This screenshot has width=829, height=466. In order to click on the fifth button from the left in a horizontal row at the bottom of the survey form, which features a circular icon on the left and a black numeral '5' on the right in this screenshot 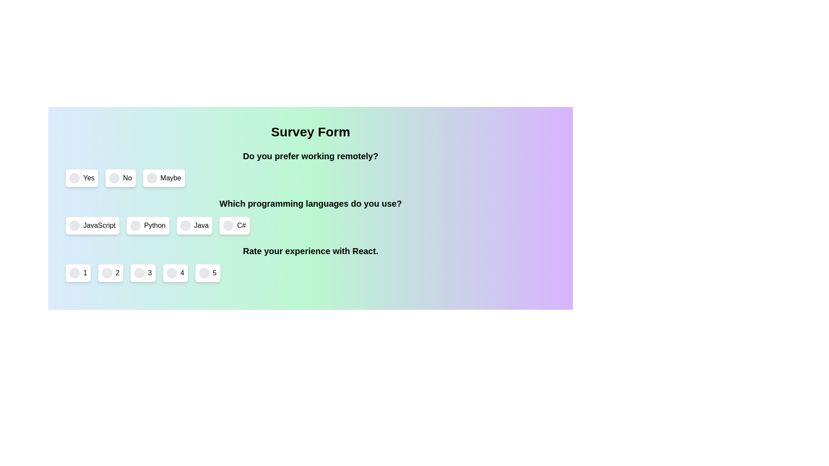, I will do `click(208, 273)`.